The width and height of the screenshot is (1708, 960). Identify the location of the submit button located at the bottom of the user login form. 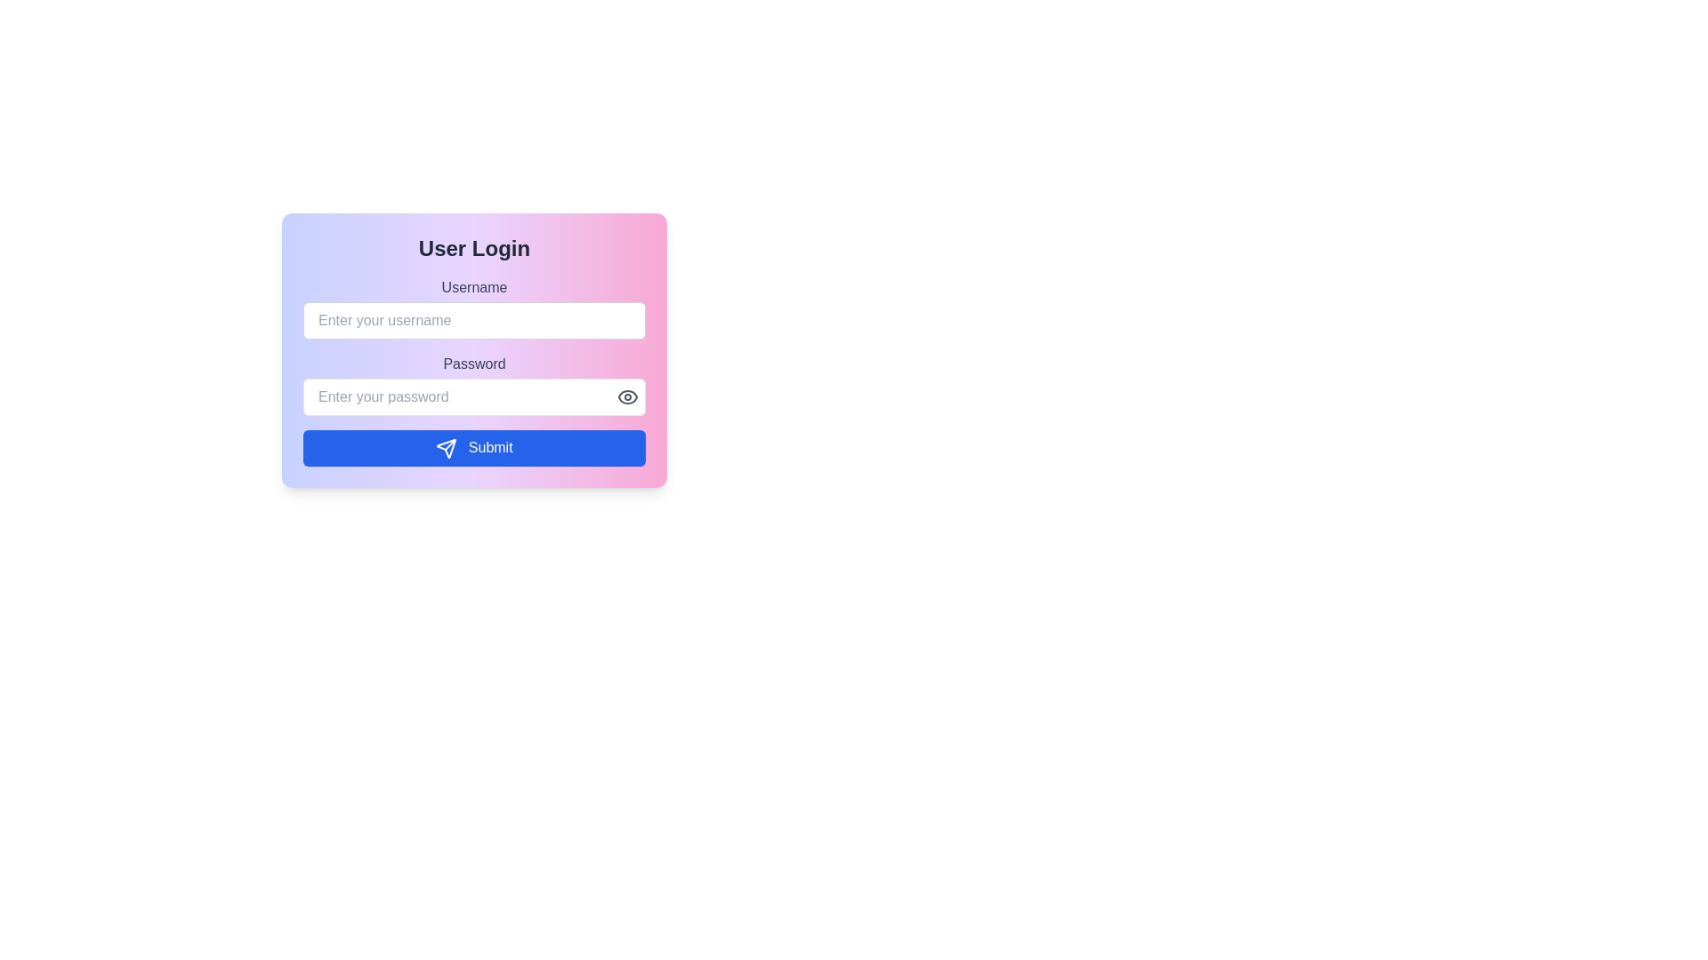
(474, 447).